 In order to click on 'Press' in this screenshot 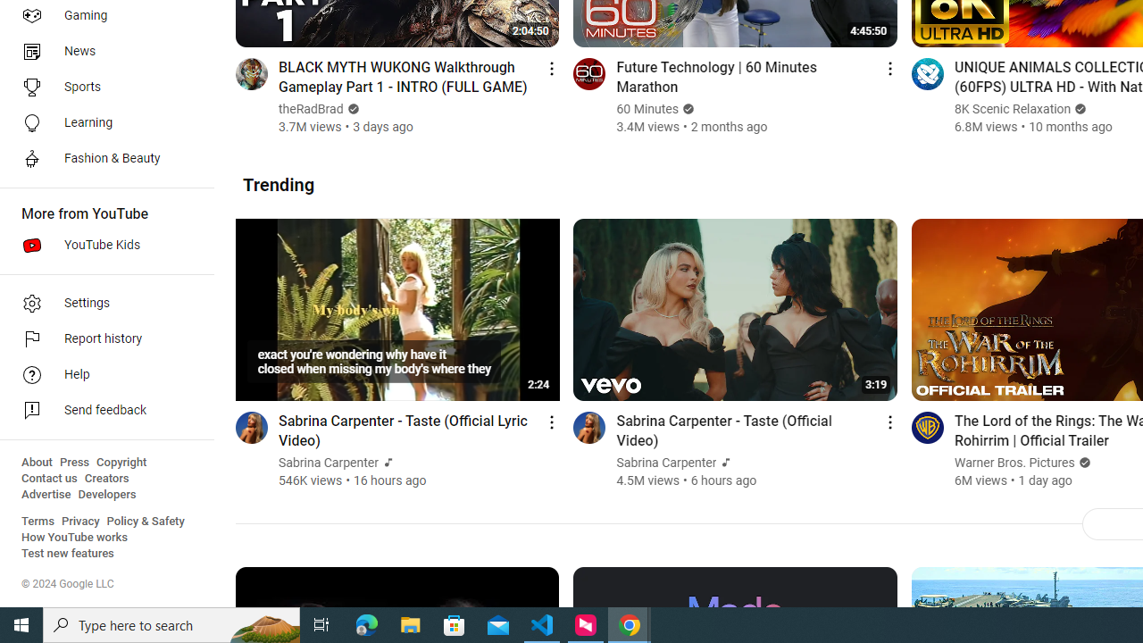, I will do `click(73, 462)`.